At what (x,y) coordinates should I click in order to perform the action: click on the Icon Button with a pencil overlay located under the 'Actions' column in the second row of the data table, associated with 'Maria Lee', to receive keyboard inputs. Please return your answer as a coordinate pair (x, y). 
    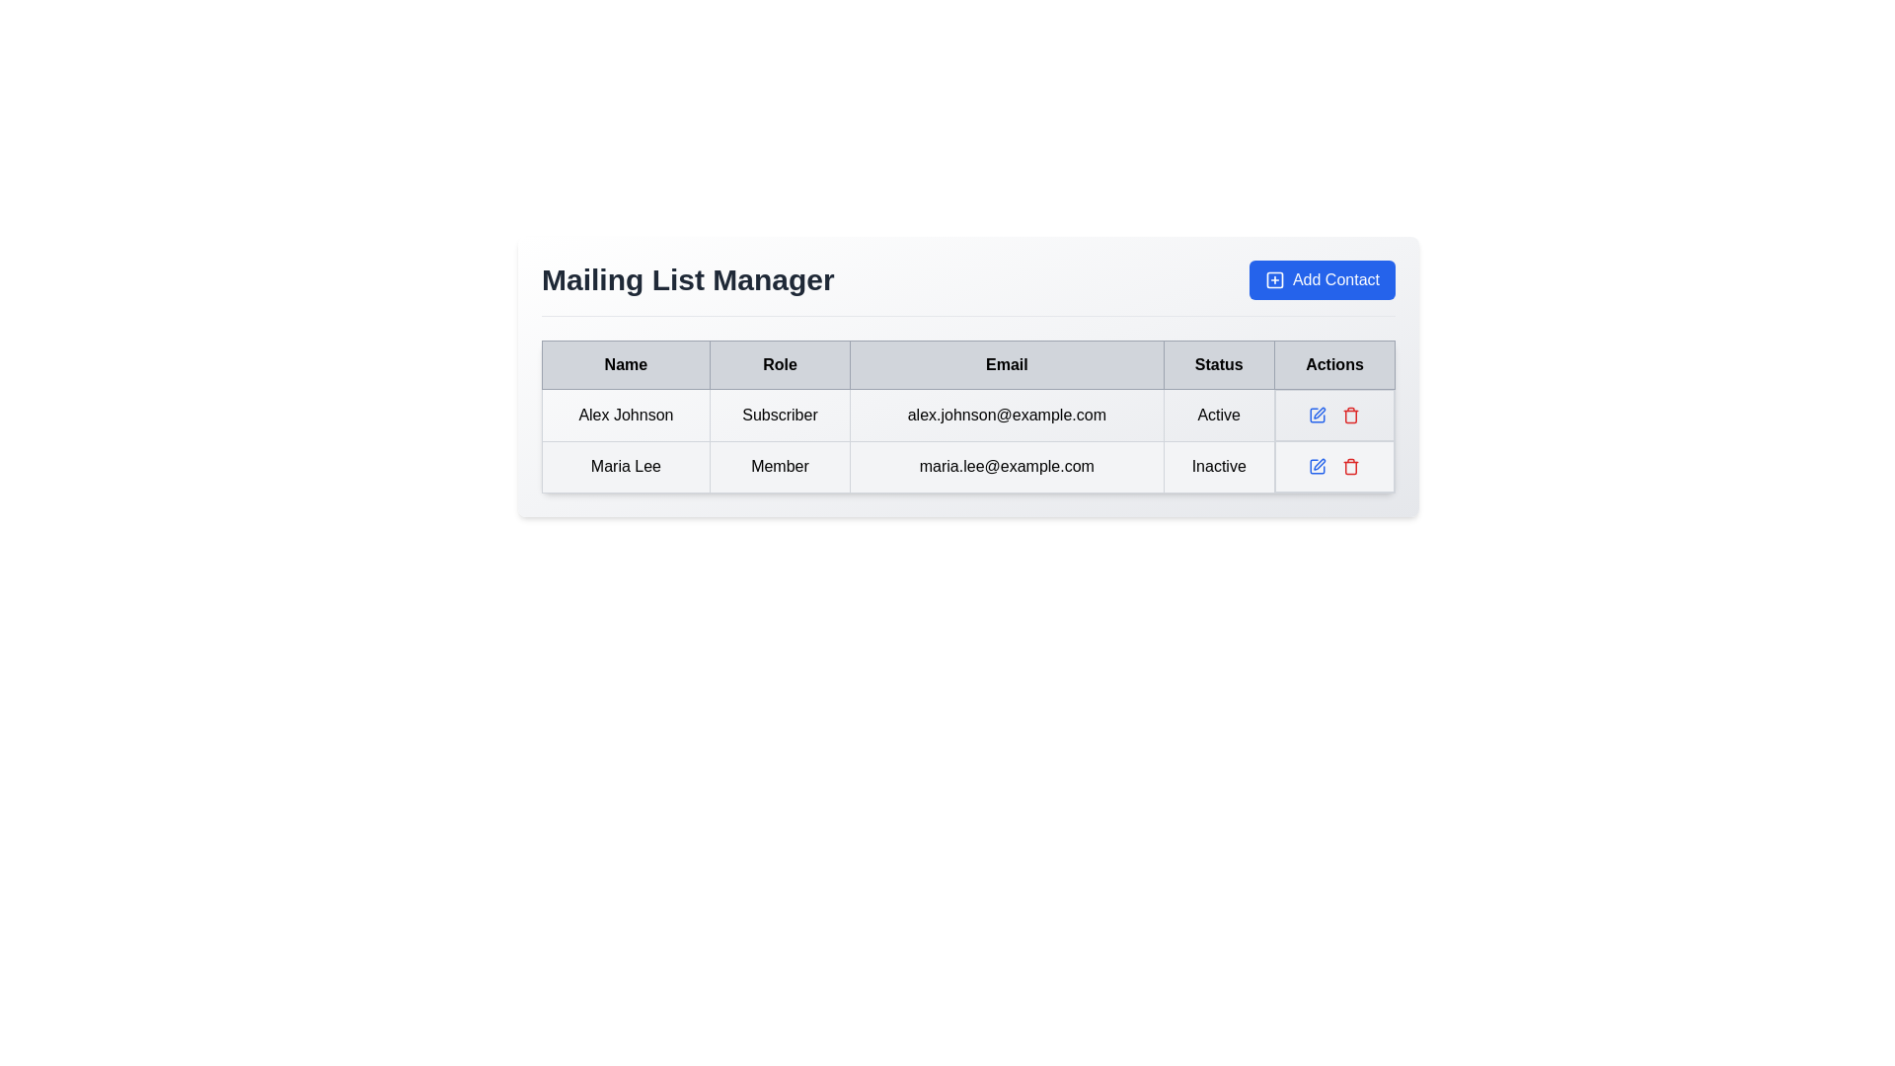
    Looking at the image, I should click on (1318, 467).